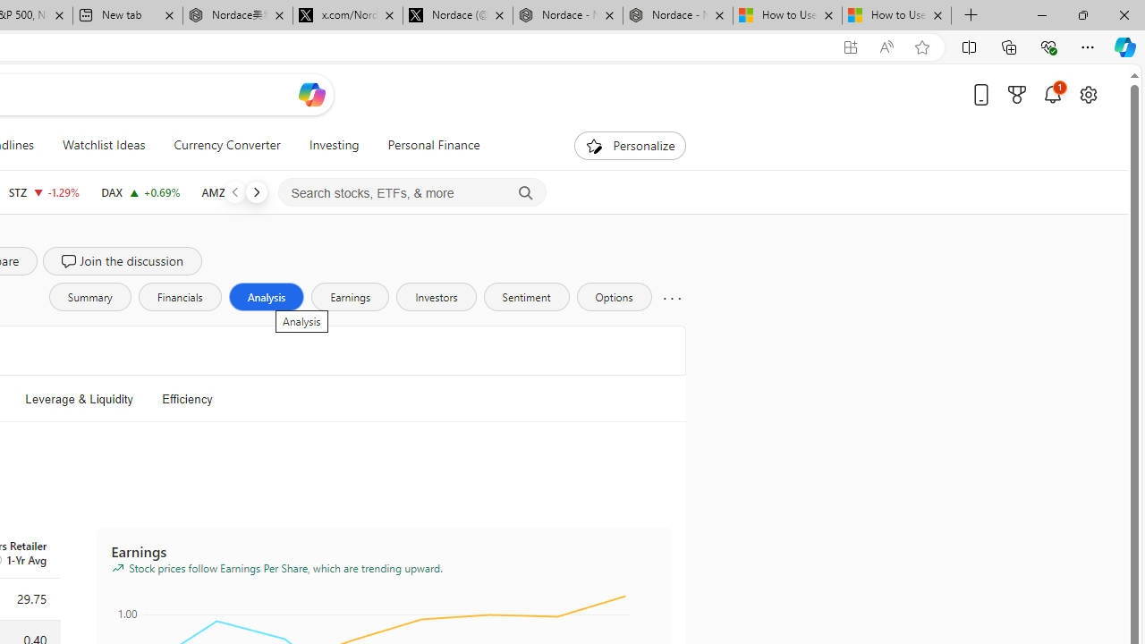  Describe the element at coordinates (140, 191) in the screenshot. I see `'DAX DAX increase 18,810.38 +128.57 +0.69%'` at that location.